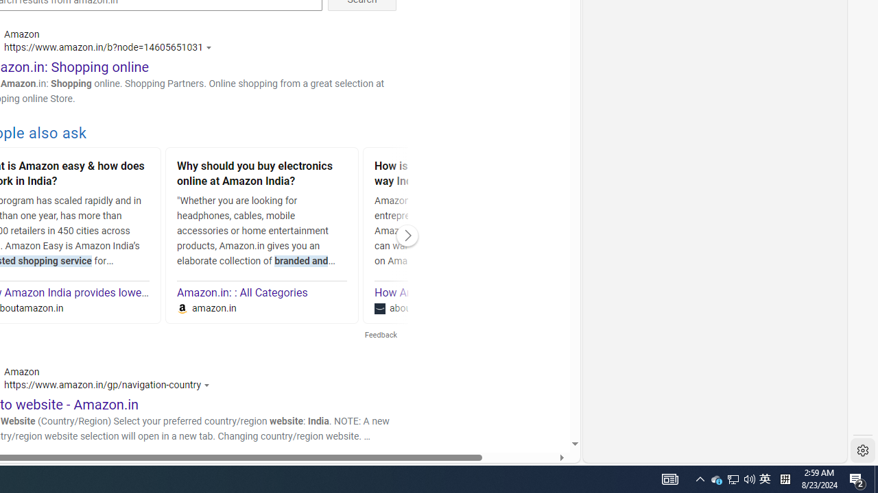  What do you see at coordinates (242, 292) in the screenshot?
I see `'Amazon.in: : All Categories'` at bounding box center [242, 292].